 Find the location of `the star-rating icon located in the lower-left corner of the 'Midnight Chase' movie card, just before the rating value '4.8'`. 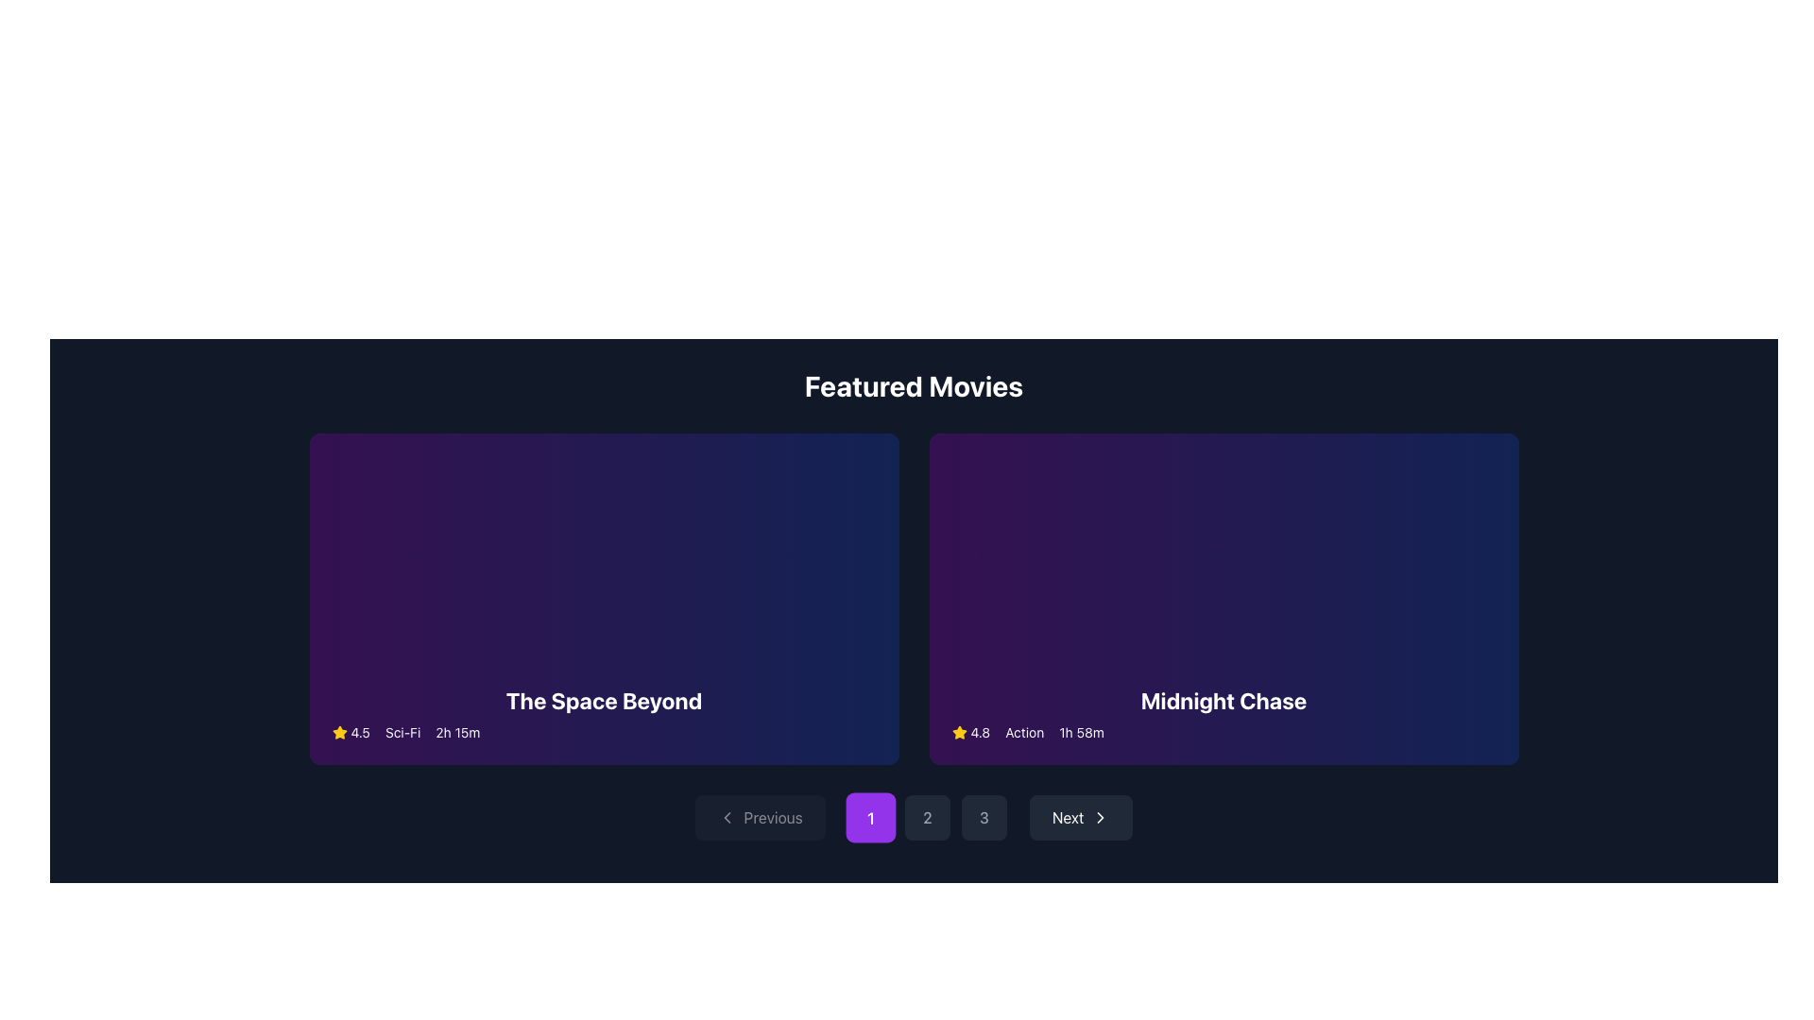

the star-rating icon located in the lower-left corner of the 'Midnight Chase' movie card, just before the rating value '4.8' is located at coordinates (959, 731).